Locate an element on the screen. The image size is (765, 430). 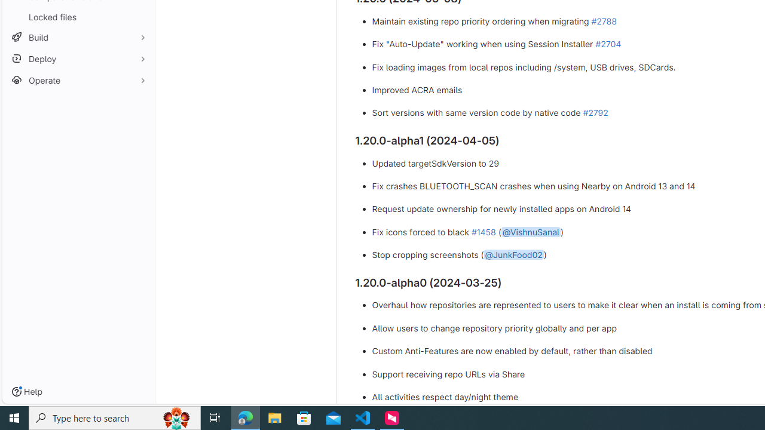
'Operate' is located at coordinates (78, 80).